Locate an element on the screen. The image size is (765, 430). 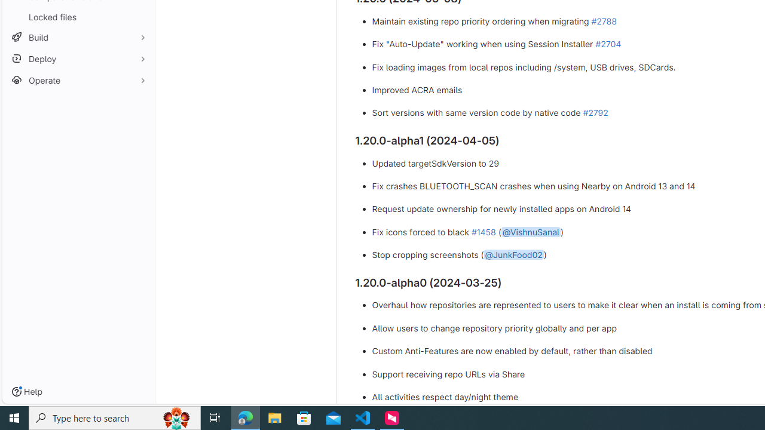
'Operate' is located at coordinates (78, 80).